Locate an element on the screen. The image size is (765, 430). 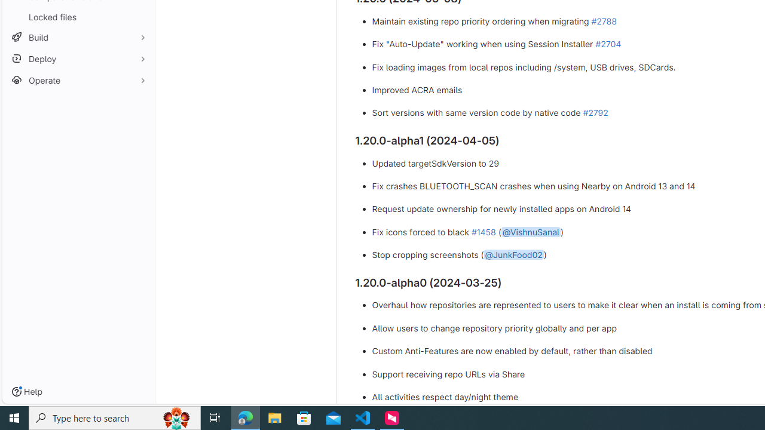
'Operate' is located at coordinates (78, 80).